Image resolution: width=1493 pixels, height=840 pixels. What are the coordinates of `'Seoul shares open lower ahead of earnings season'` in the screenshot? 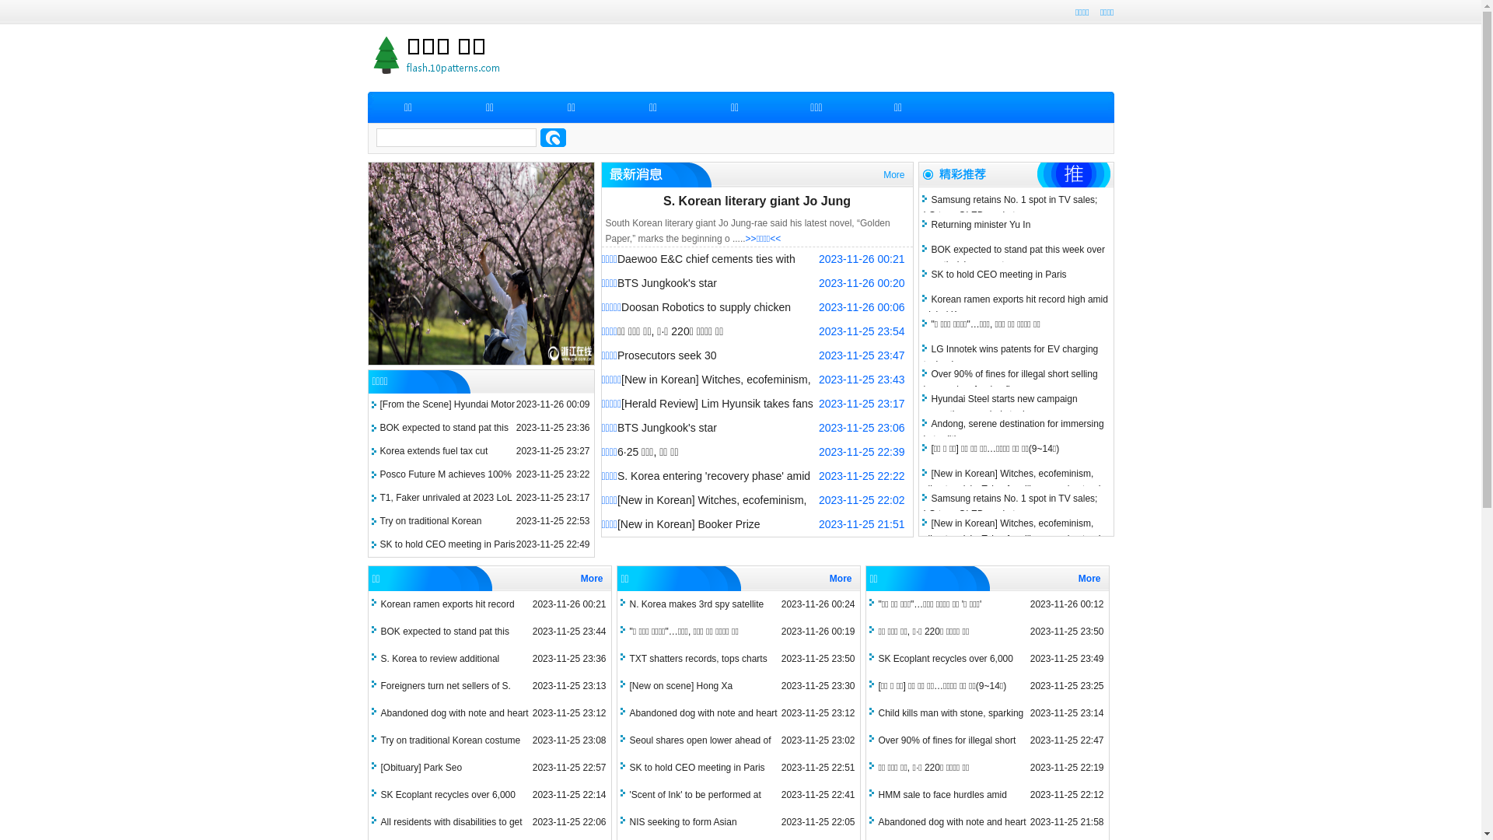 It's located at (696, 748).